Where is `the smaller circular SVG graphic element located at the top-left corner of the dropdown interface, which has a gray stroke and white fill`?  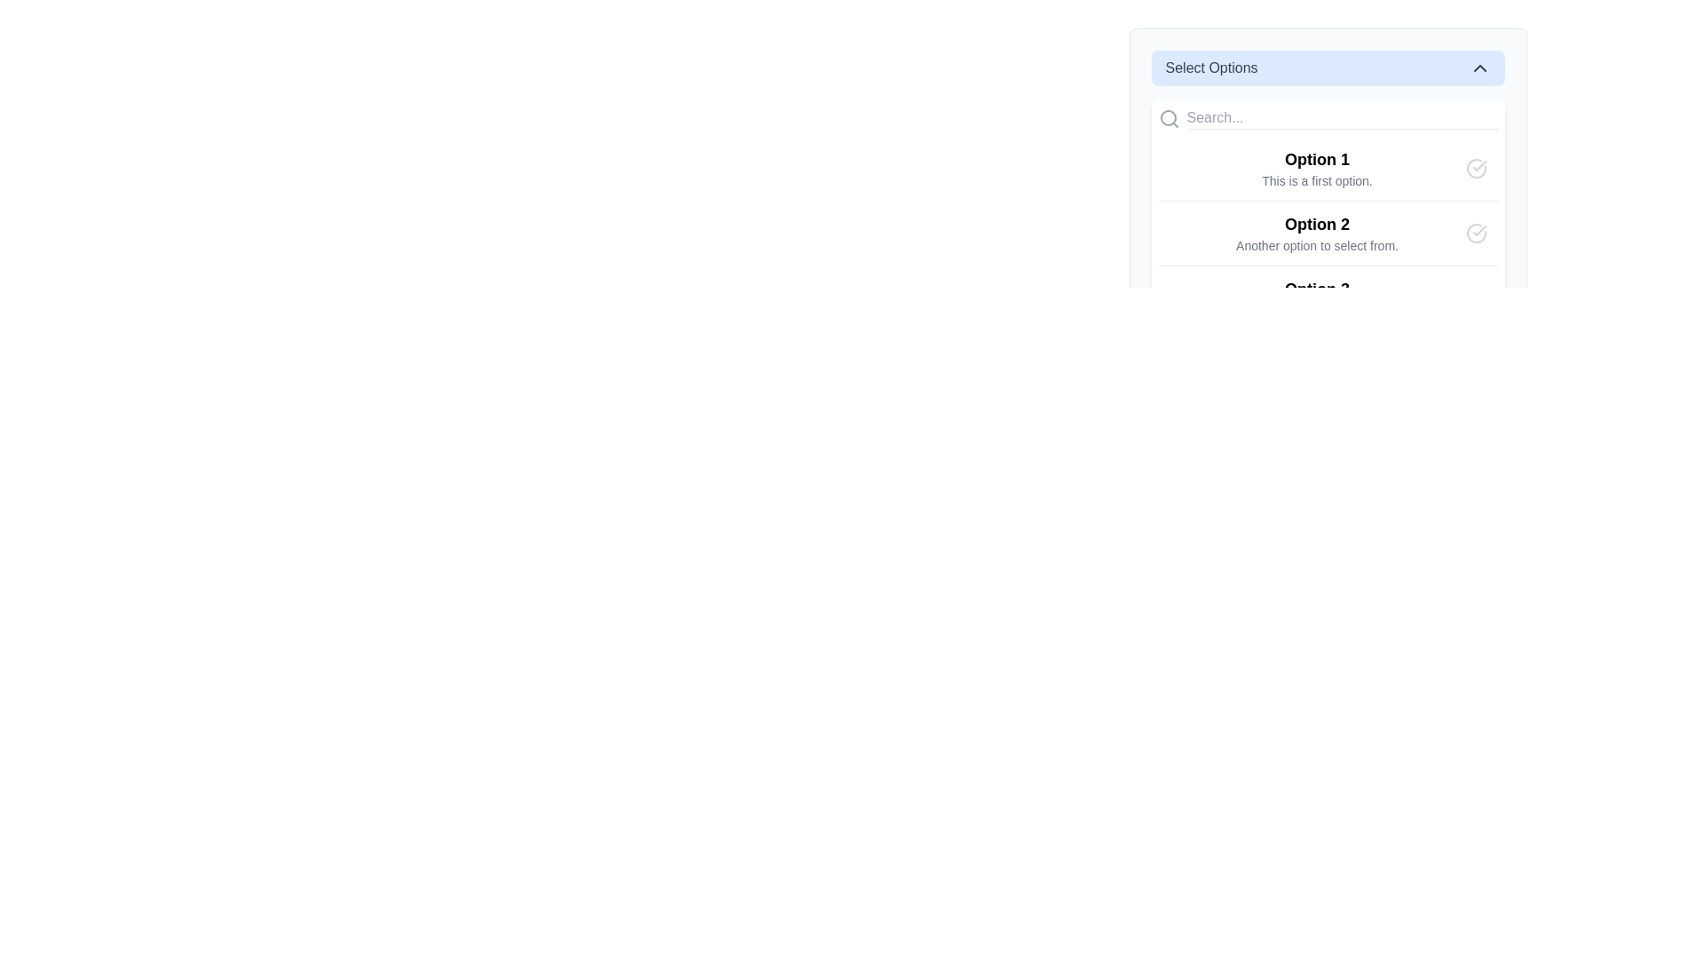
the smaller circular SVG graphic element located at the top-left corner of the dropdown interface, which has a gray stroke and white fill is located at coordinates (1168, 117).